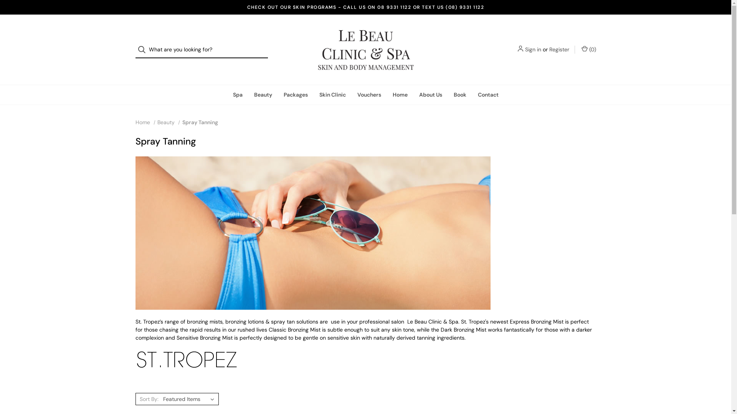  Describe the element at coordinates (532, 49) in the screenshot. I see `'Sign in'` at that location.